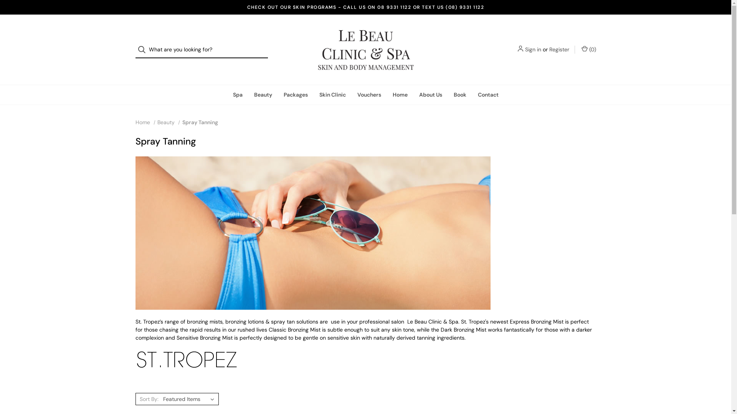  Describe the element at coordinates (532, 49) in the screenshot. I see `'Sign in'` at that location.